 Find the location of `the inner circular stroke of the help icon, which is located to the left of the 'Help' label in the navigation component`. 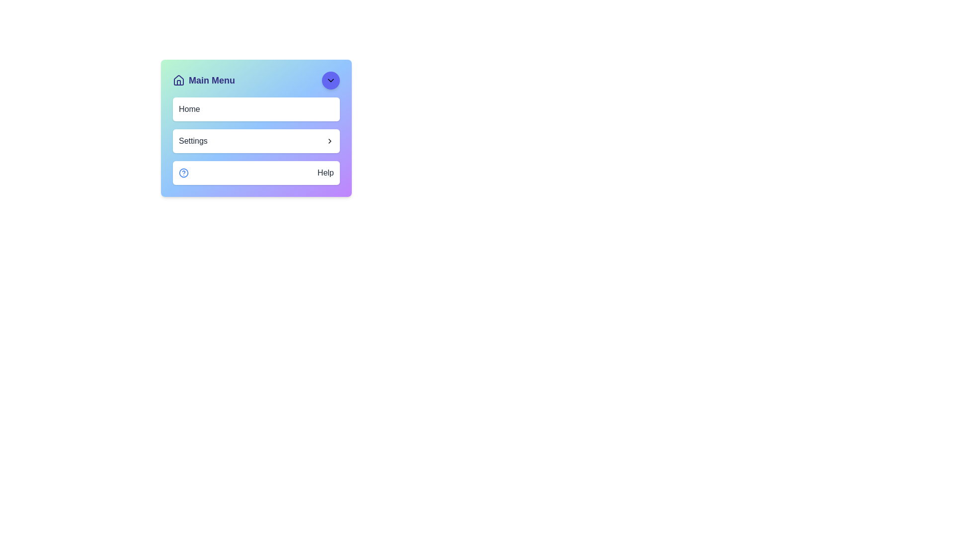

the inner circular stroke of the help icon, which is located to the left of the 'Help' label in the navigation component is located at coordinates (183, 172).